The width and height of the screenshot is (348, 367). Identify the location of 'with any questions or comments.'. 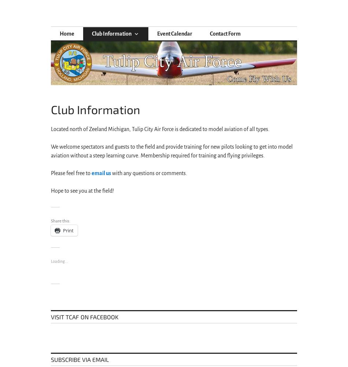
(110, 173).